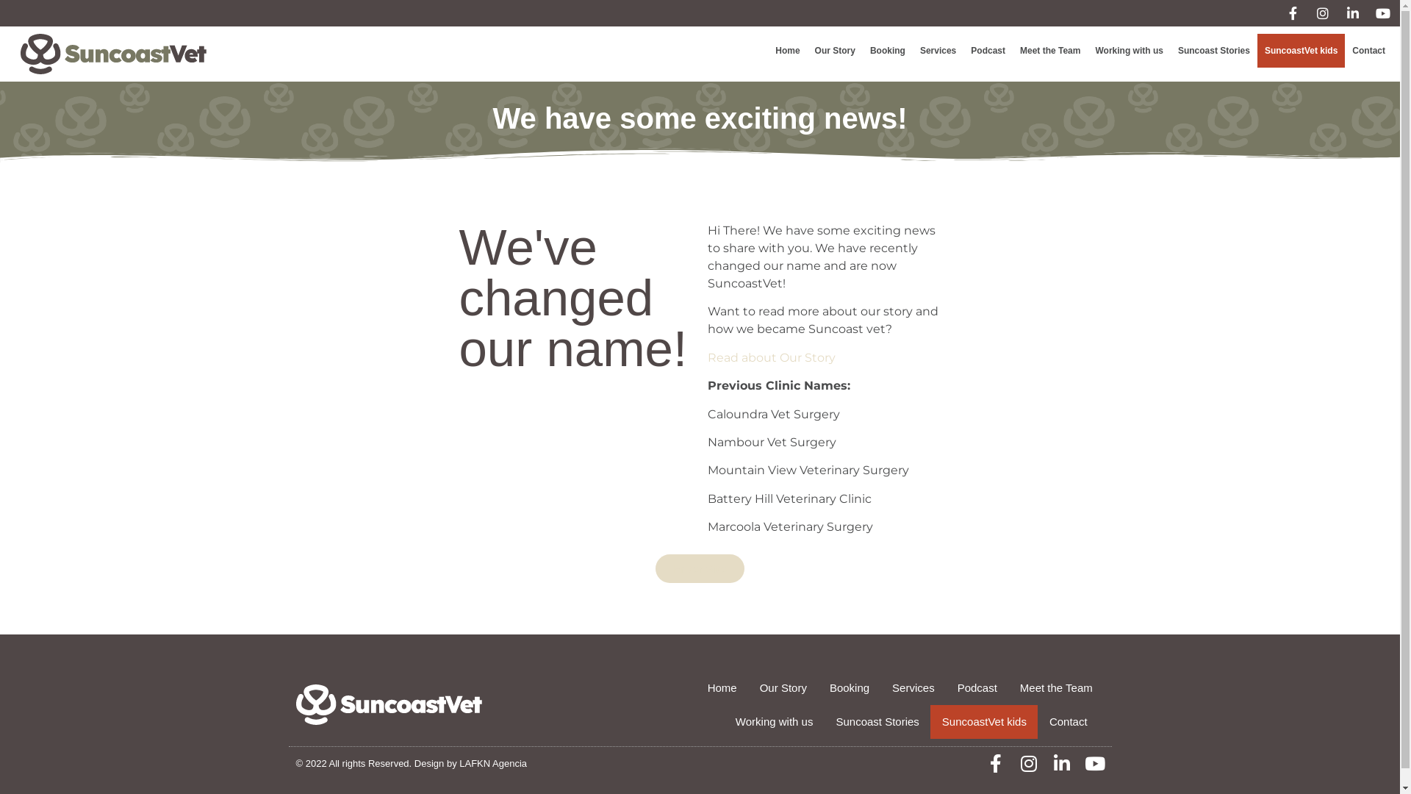  What do you see at coordinates (786, 50) in the screenshot?
I see `'Home'` at bounding box center [786, 50].